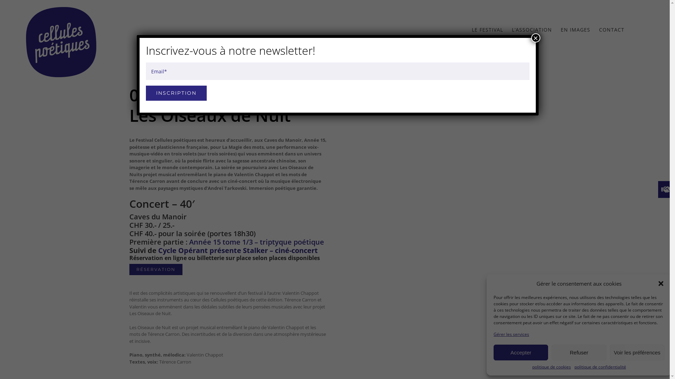 This screenshot has width=675, height=379. What do you see at coordinates (176, 93) in the screenshot?
I see `'inscription'` at bounding box center [176, 93].